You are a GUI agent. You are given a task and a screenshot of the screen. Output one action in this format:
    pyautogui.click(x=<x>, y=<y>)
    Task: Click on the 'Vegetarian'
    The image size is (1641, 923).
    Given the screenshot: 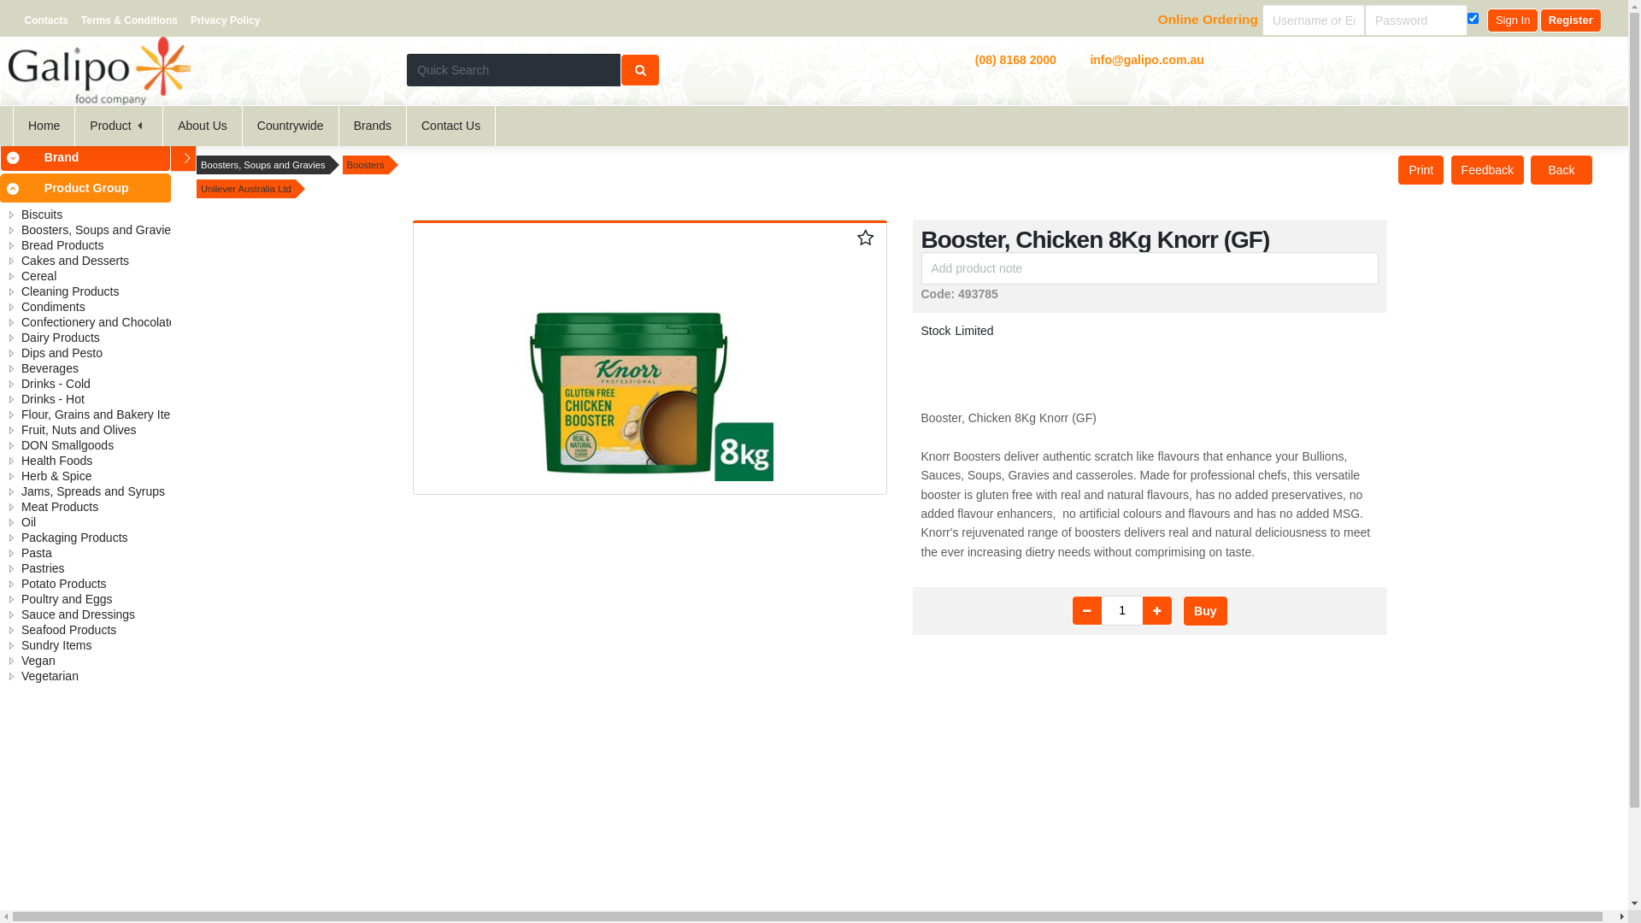 What is the action you would take?
    pyautogui.click(x=50, y=674)
    